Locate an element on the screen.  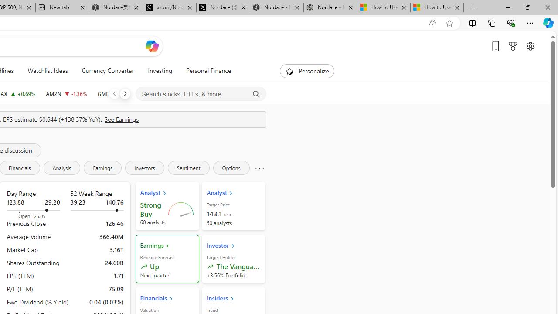
'GME GAMESTOP CORP. decrease 20.74 -0.62 -2.90%' is located at coordinates (116, 93).